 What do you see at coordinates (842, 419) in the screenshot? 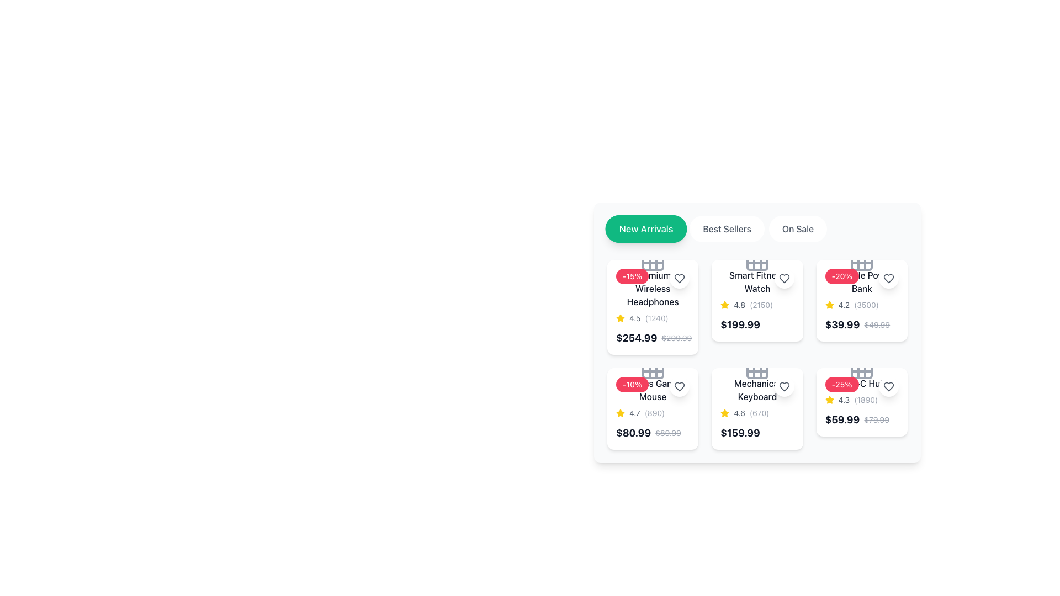
I see `the price label displaying '$59.99'` at bounding box center [842, 419].